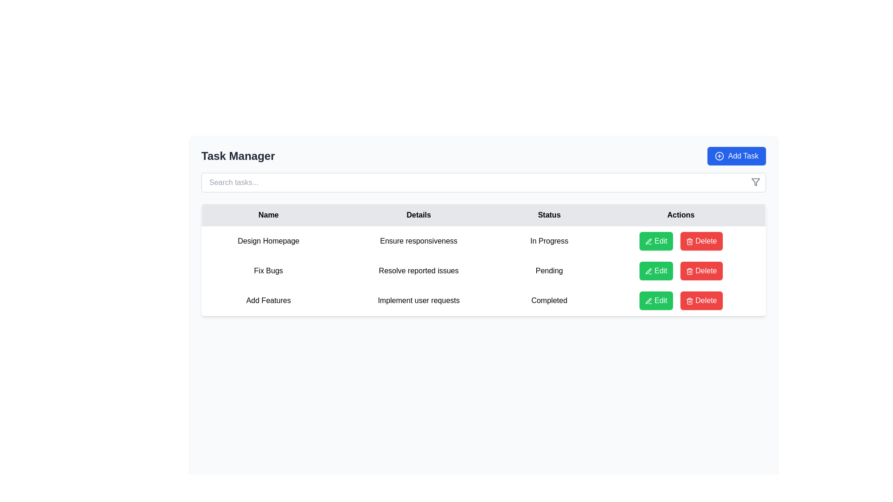  Describe the element at coordinates (655, 301) in the screenshot. I see `the 'Edit' button, which is the second button in the 'Actions' column of the last row in the table, to initiate the editing functionality for the associated row` at that location.